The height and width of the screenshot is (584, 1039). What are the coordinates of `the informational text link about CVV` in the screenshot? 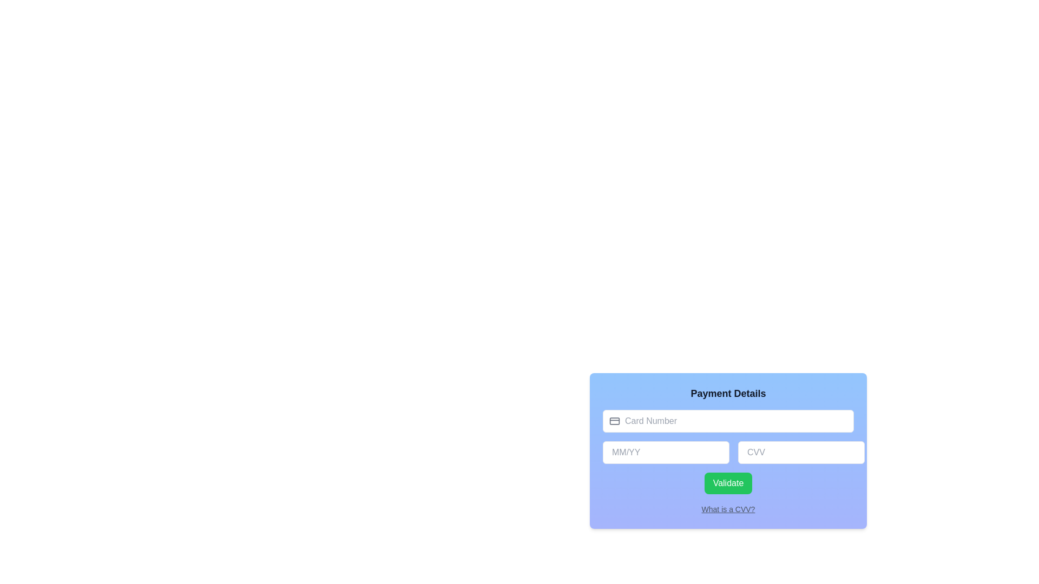 It's located at (728, 509).